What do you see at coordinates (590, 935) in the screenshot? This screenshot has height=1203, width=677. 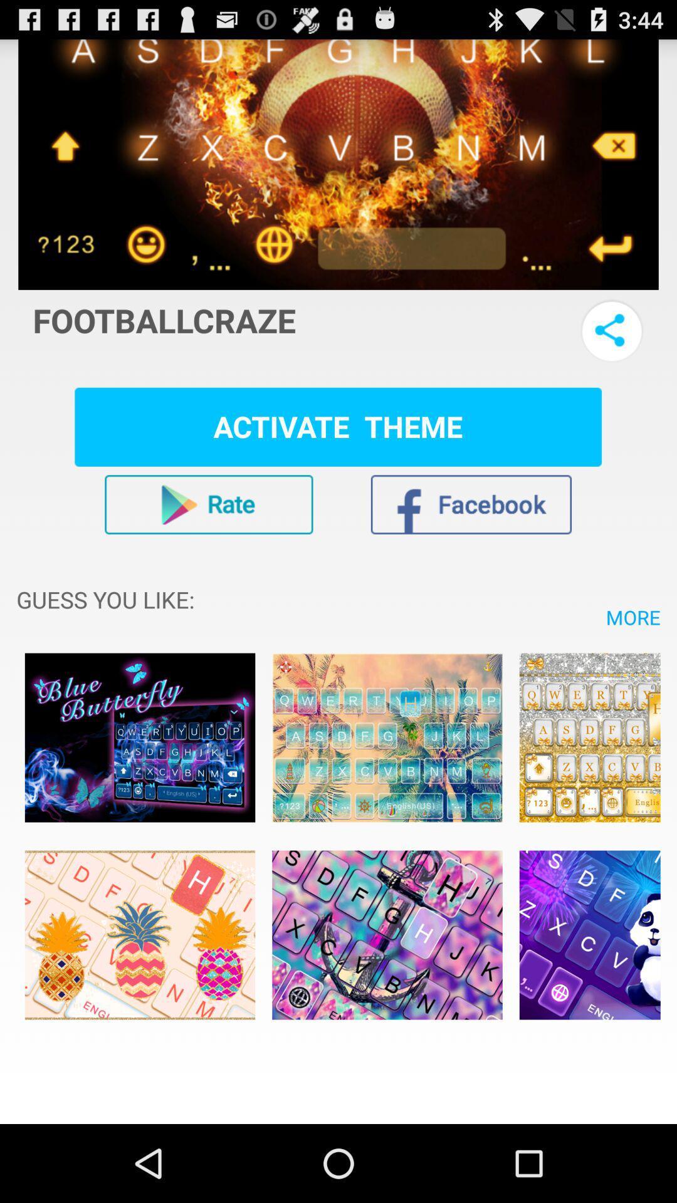 I see `icon selection` at bounding box center [590, 935].